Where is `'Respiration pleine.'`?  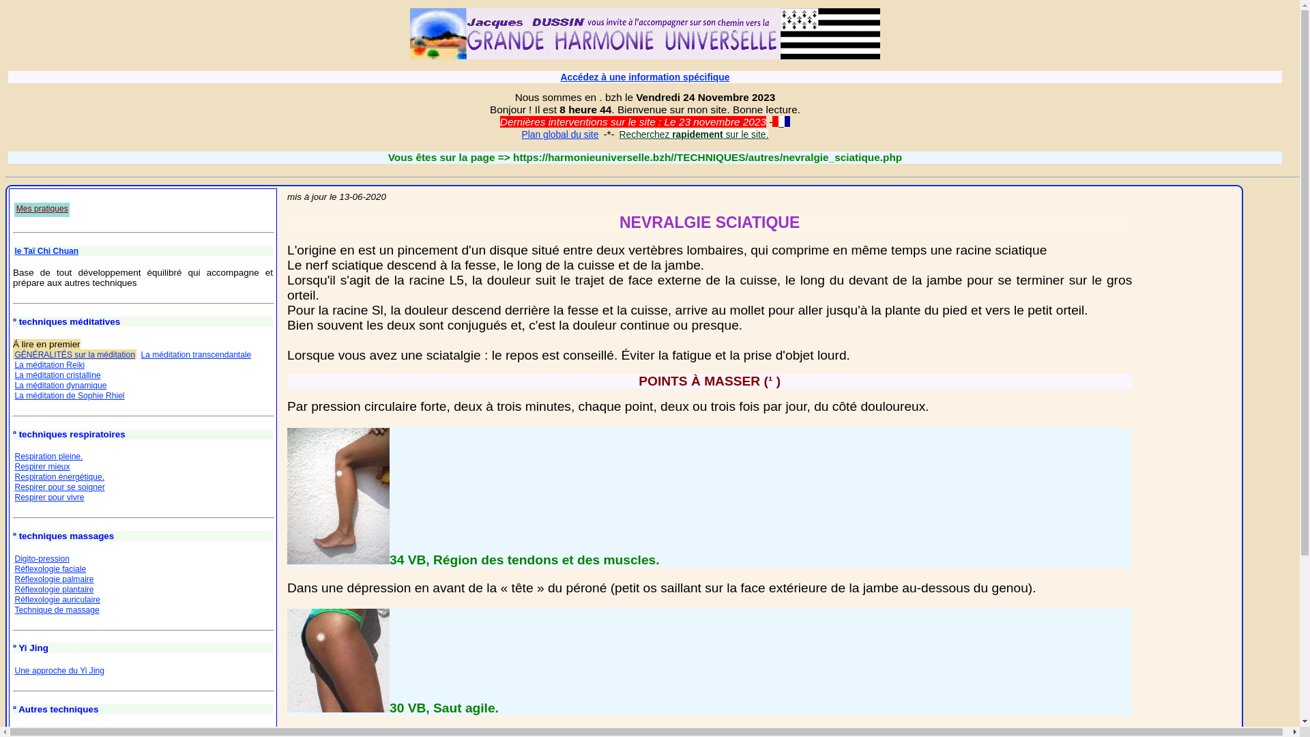 'Respiration pleine.' is located at coordinates (48, 456).